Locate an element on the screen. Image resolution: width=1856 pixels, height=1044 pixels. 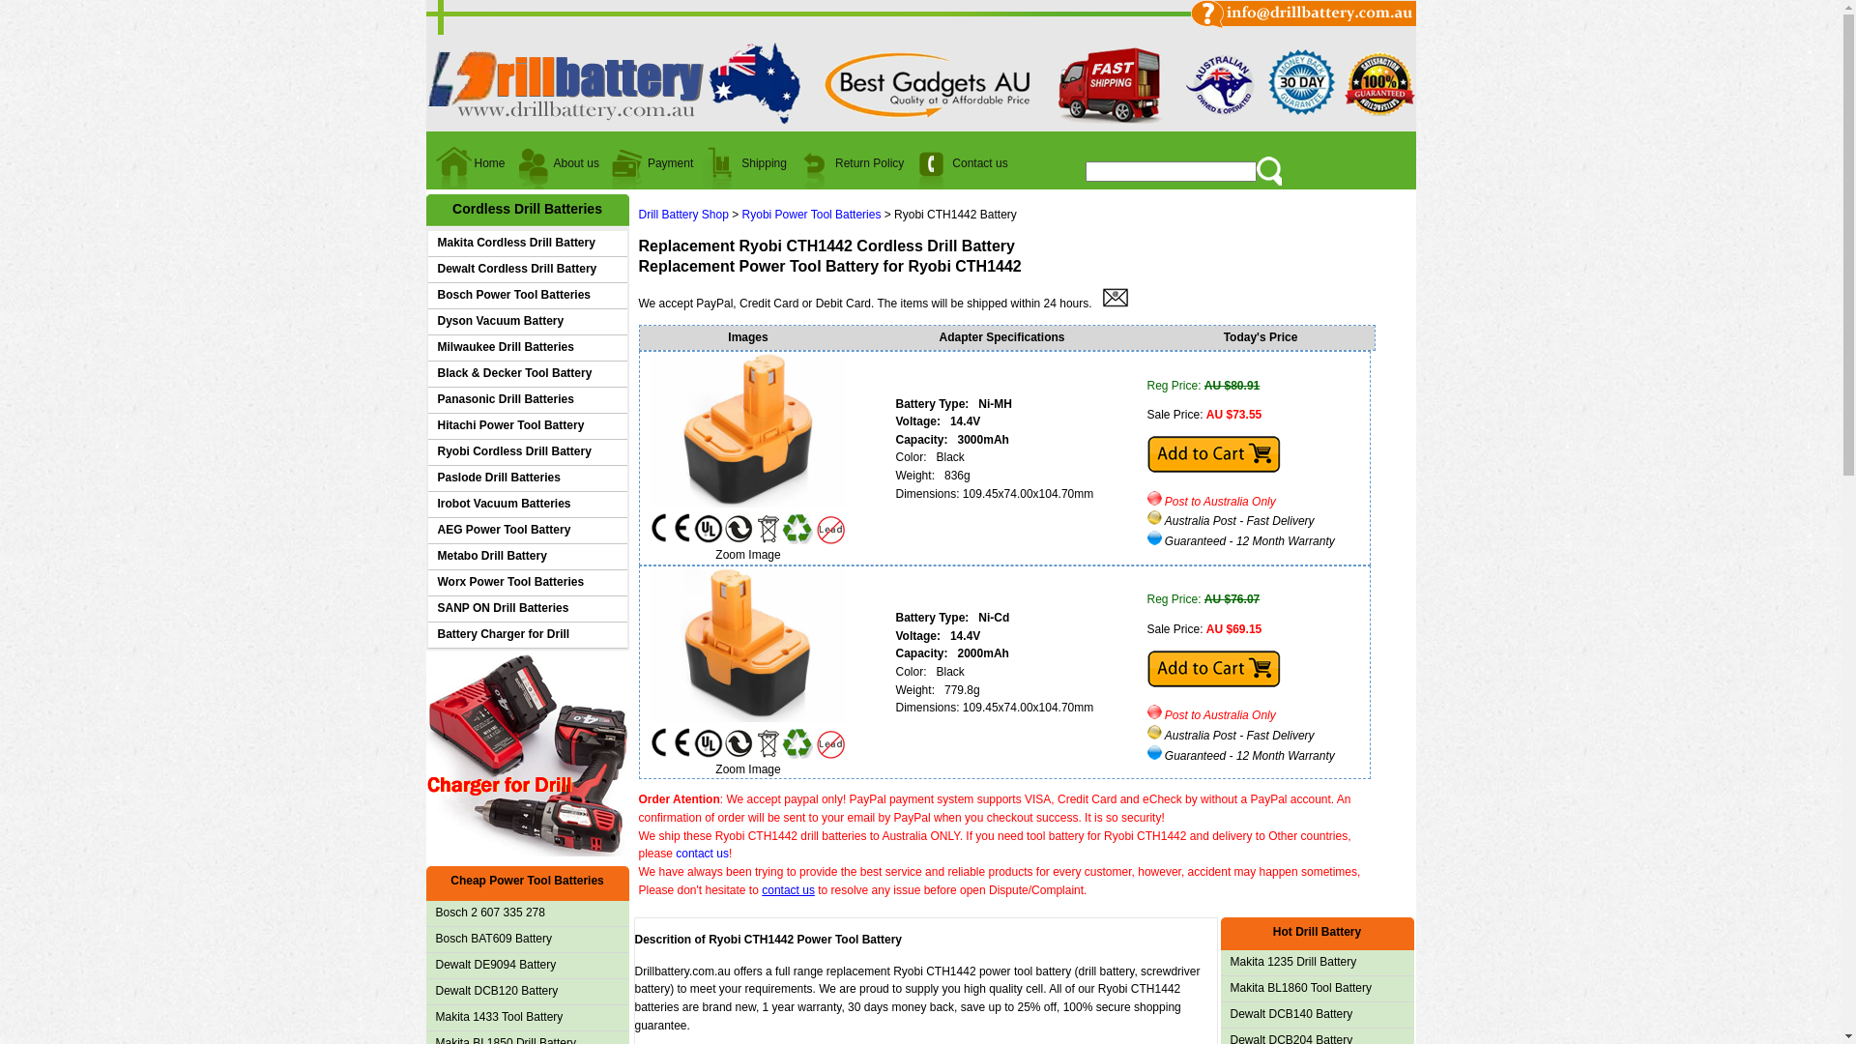
'Black & Decker Tool Battery' is located at coordinates (527, 373).